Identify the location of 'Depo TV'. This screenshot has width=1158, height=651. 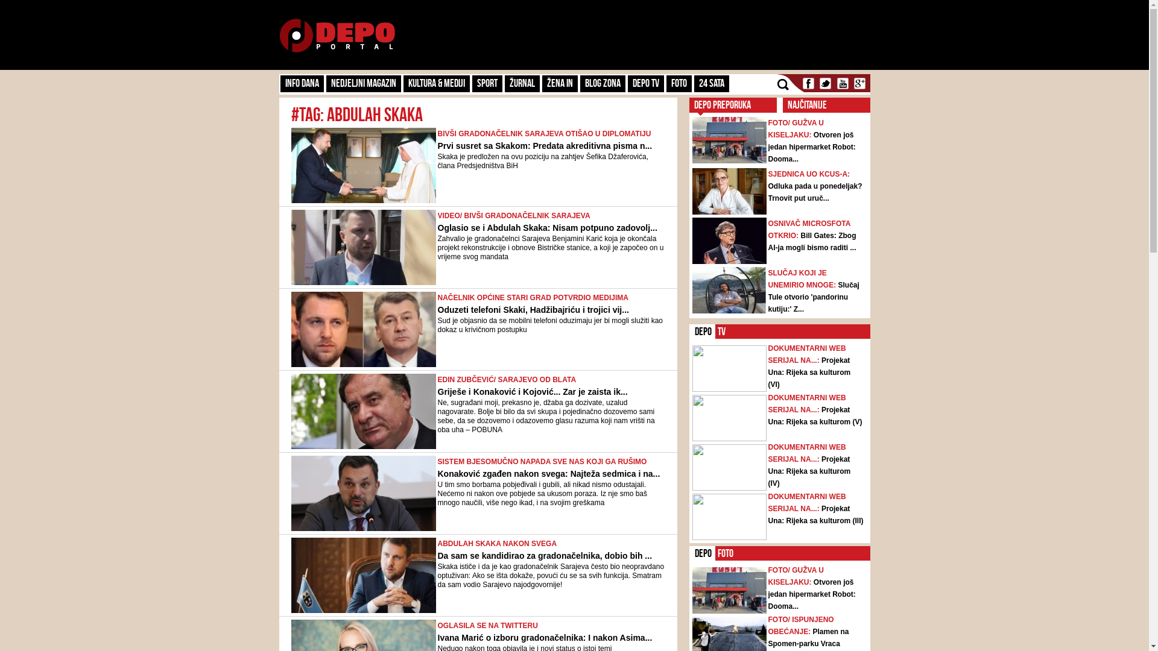
(645, 83).